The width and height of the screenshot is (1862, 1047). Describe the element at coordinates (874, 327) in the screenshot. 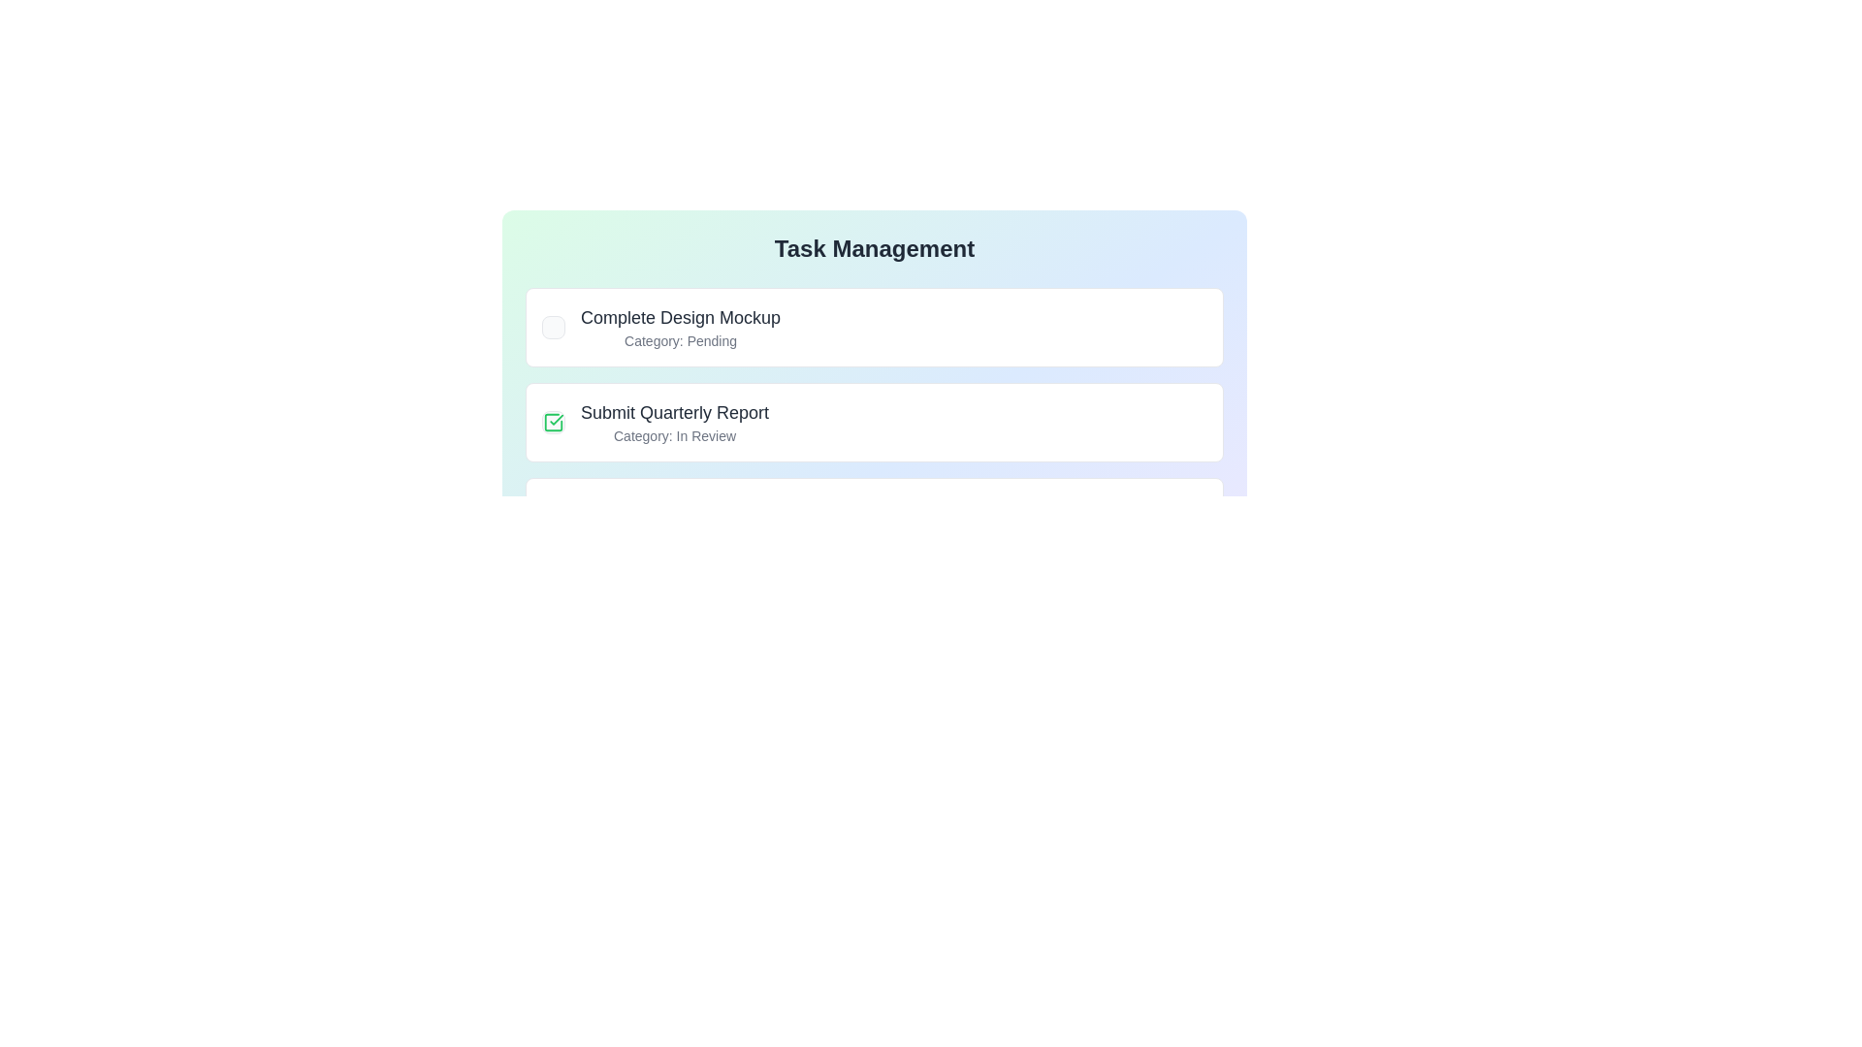

I see `the first task card in the task management interface, which provides an overview of the task's title and its category or status` at that location.